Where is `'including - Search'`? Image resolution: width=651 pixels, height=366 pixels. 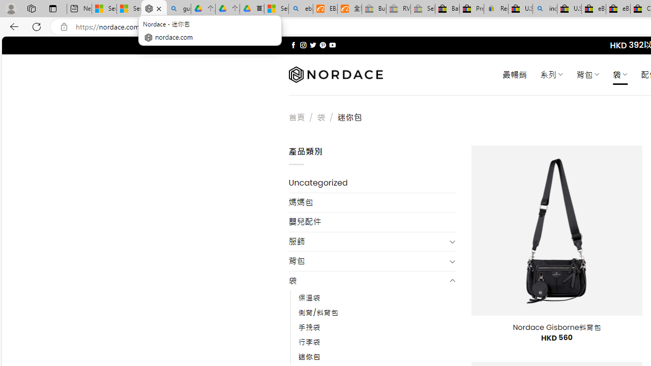
'including - Search' is located at coordinates (544, 9).